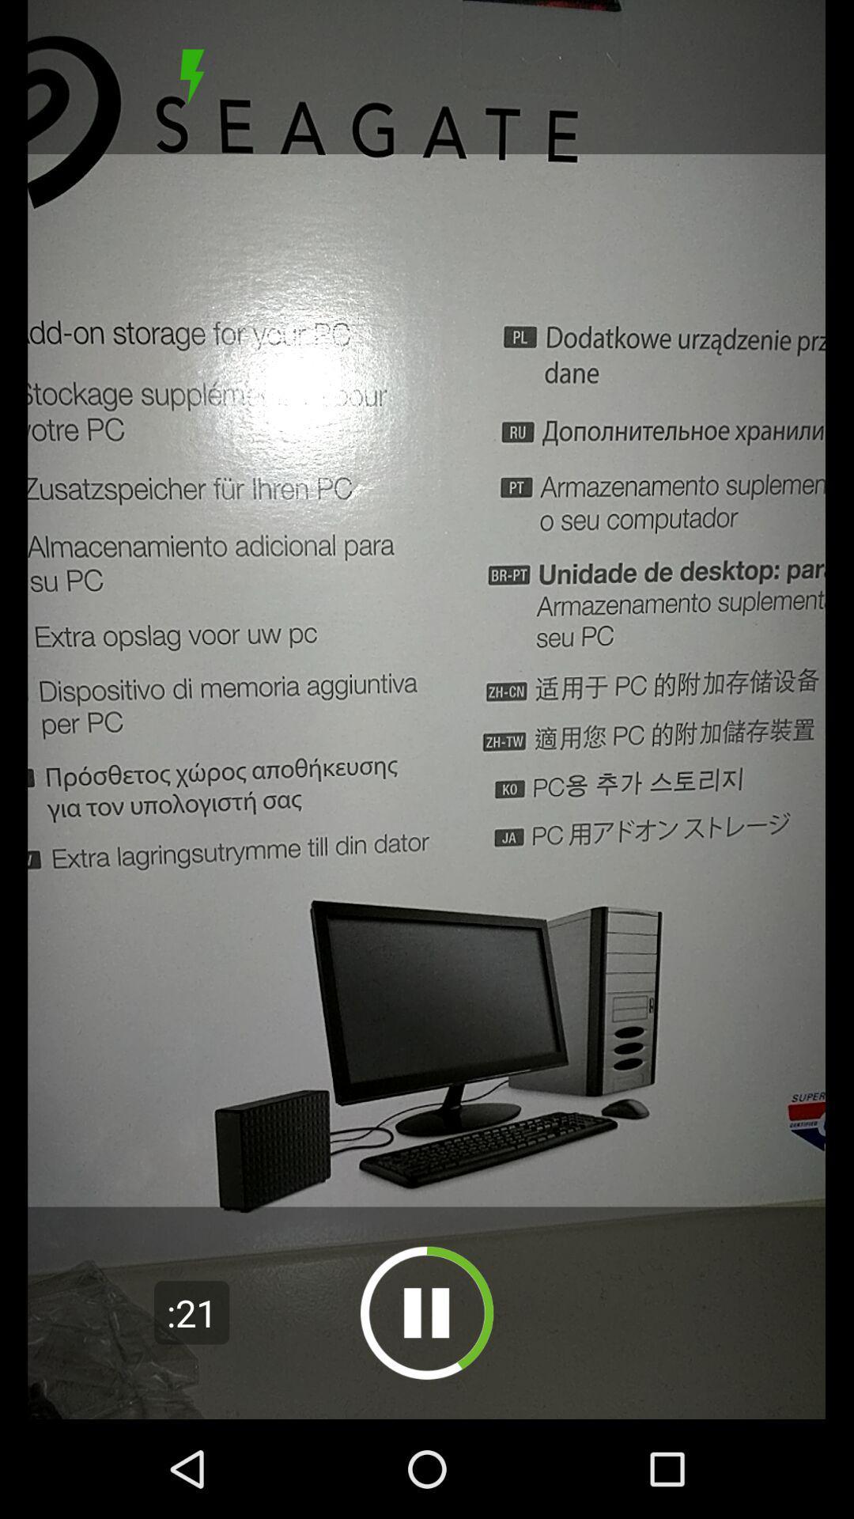  Describe the element at coordinates (427, 1313) in the screenshot. I see `switch autoplay option` at that location.